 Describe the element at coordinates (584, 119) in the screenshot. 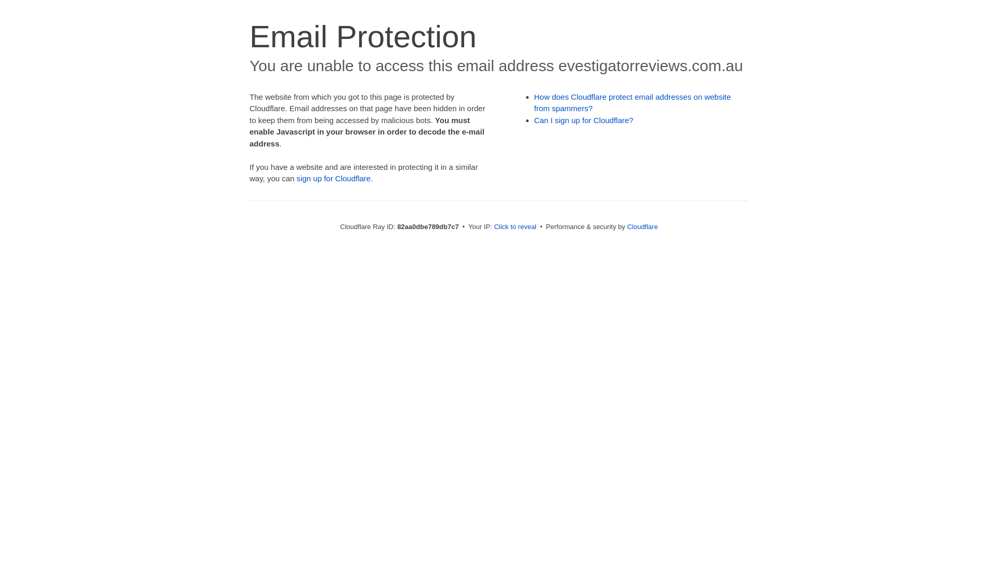

I see `'Can I sign up for Cloudflare?'` at that location.